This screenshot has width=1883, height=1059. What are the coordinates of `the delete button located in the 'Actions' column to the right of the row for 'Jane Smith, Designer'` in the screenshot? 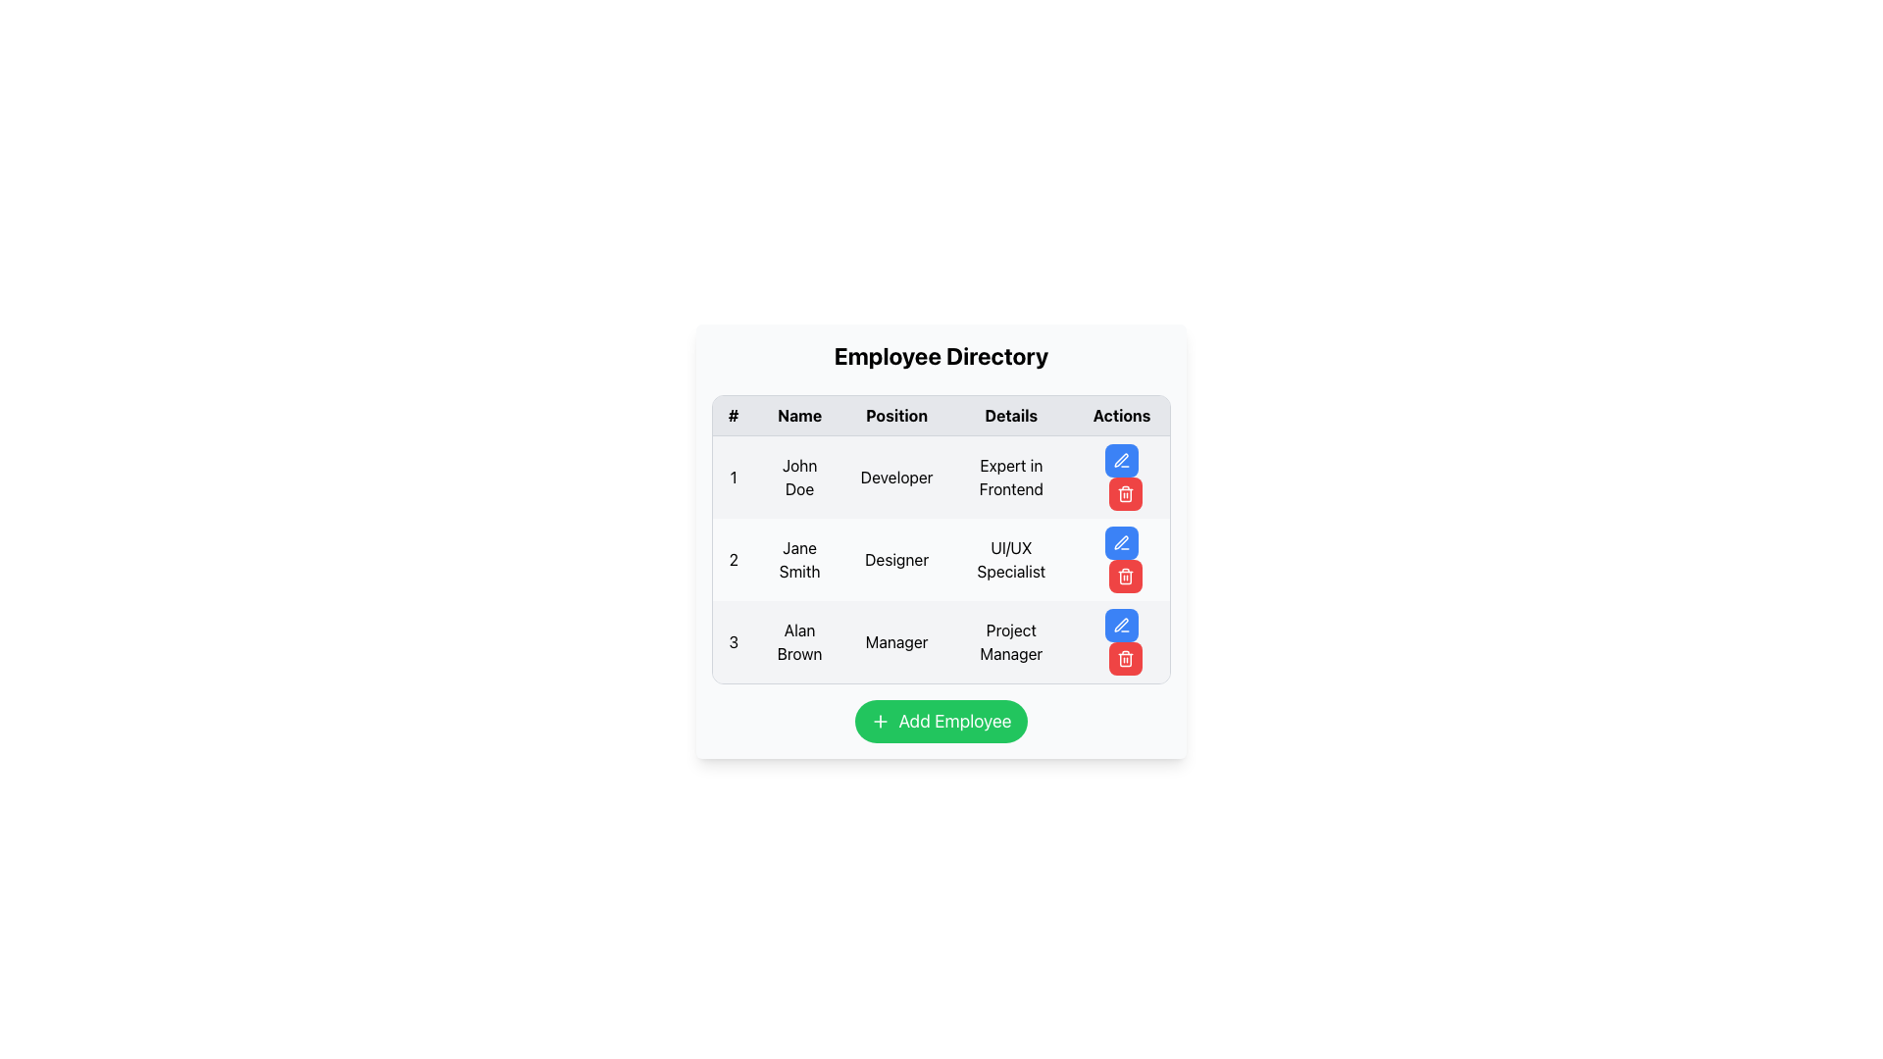 It's located at (1125, 575).